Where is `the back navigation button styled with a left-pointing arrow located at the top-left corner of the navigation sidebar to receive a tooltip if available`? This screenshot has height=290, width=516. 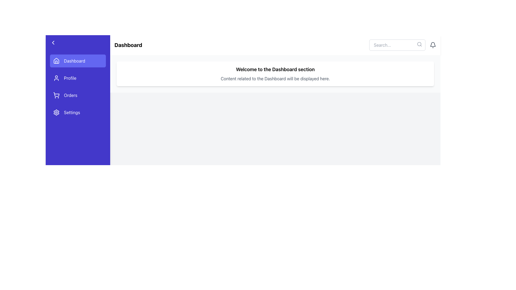
the back navigation button styled with a left-pointing arrow located at the top-left corner of the navigation sidebar to receive a tooltip if available is located at coordinates (77, 42).